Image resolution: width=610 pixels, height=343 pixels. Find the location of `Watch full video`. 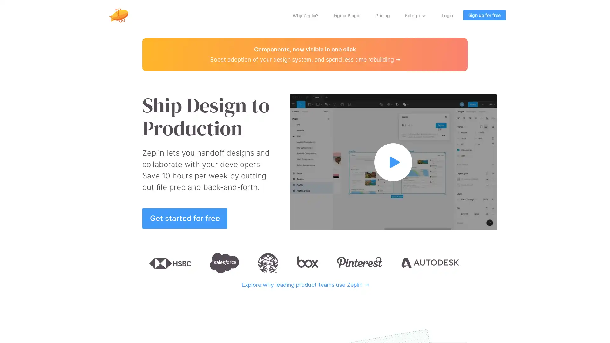

Watch full video is located at coordinates (393, 162).